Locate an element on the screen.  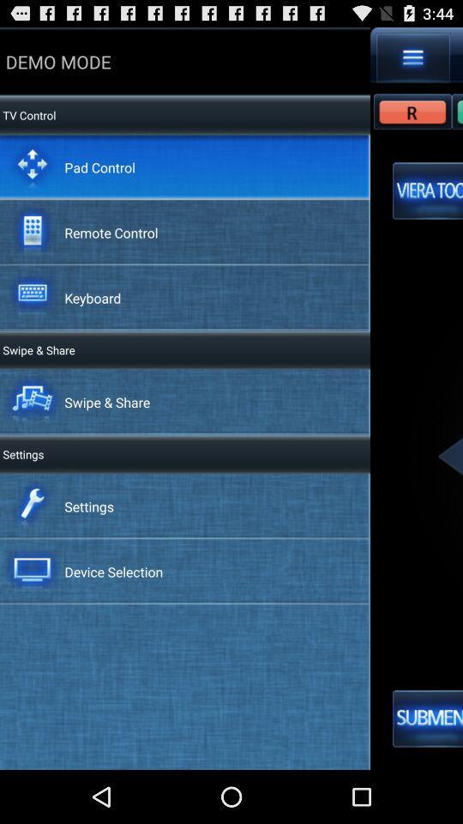
submit button is located at coordinates (427, 718).